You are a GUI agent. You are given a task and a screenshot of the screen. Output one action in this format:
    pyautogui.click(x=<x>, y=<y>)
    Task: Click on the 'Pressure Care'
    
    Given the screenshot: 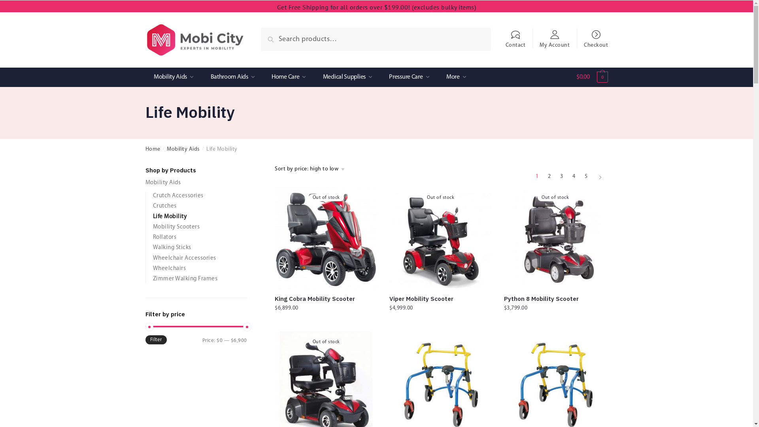 What is the action you would take?
    pyautogui.click(x=409, y=77)
    